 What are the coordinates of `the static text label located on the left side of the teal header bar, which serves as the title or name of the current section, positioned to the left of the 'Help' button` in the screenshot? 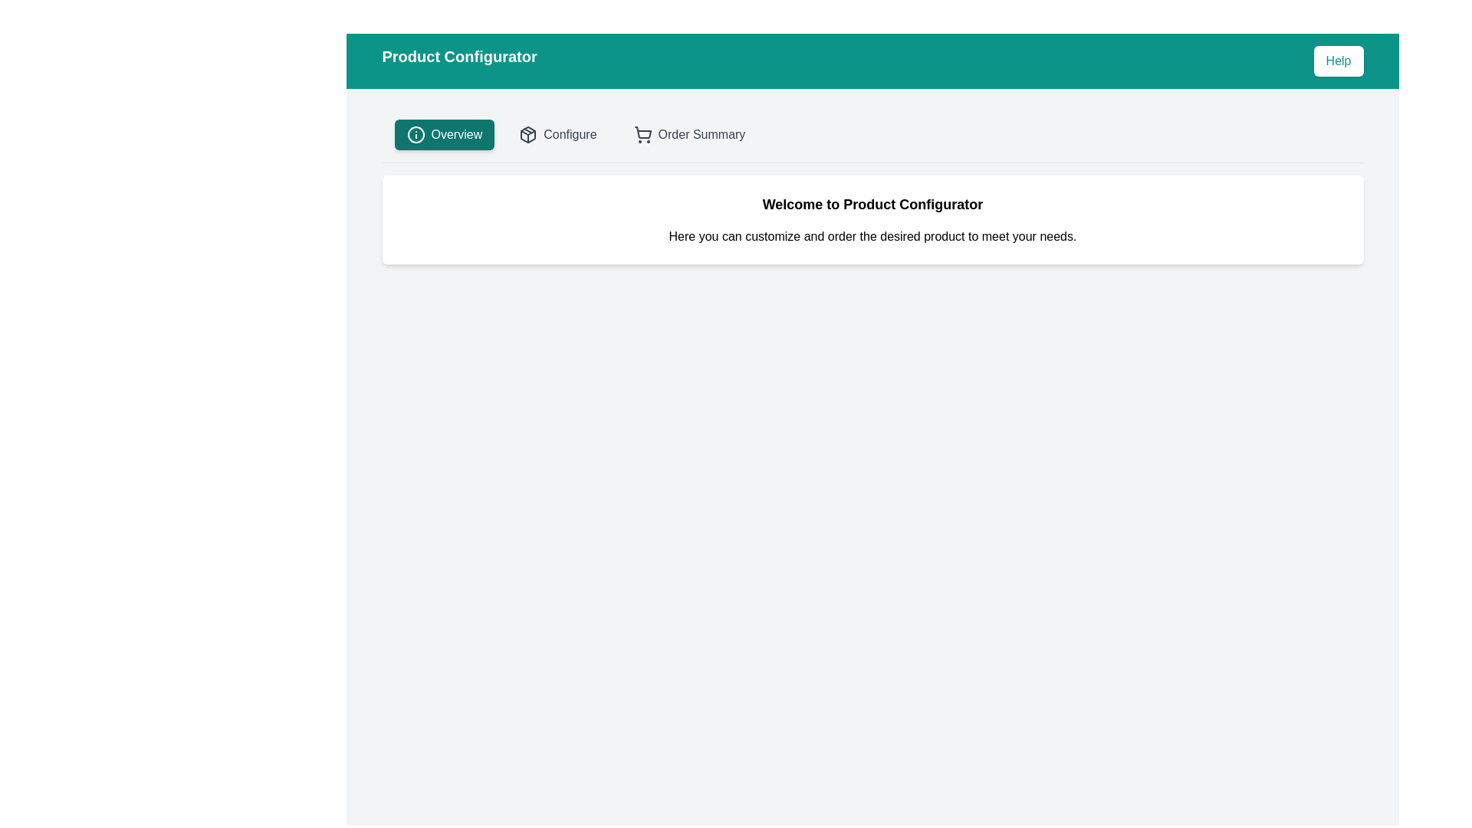 It's located at (458, 61).